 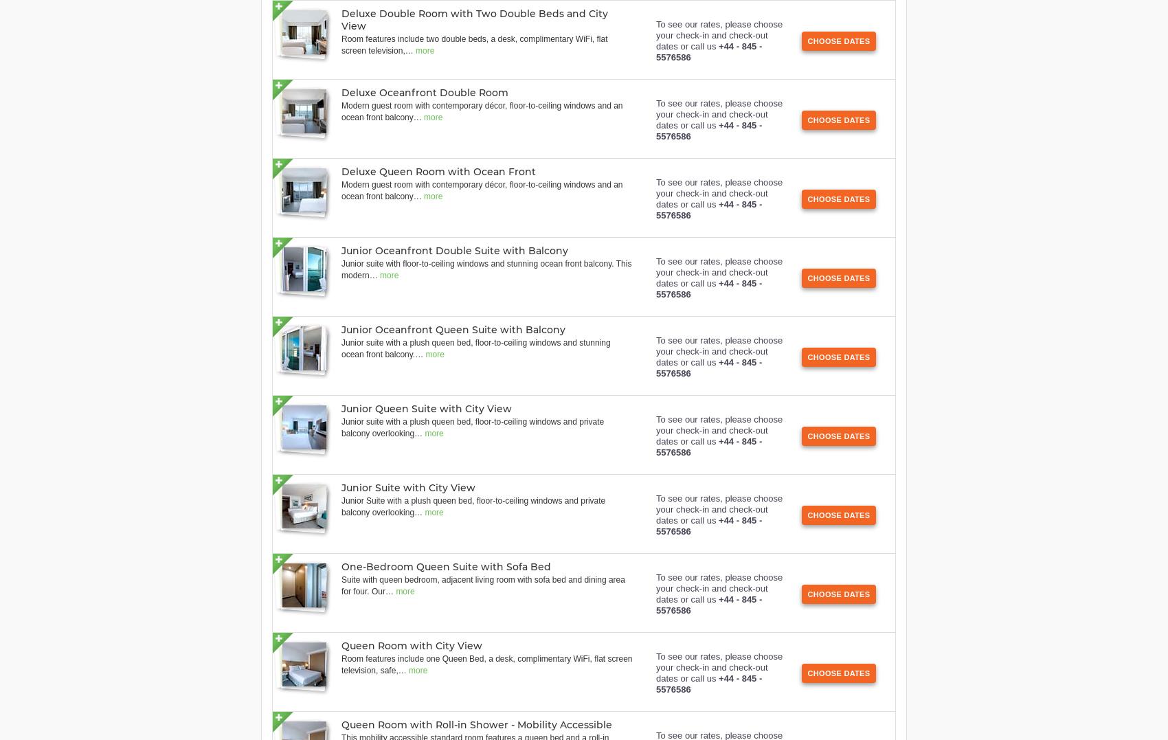 I want to click on 'Junior suite with a plush queen bed, floor-to-ceiling windows and private balcony overlooking', so click(x=472, y=427).